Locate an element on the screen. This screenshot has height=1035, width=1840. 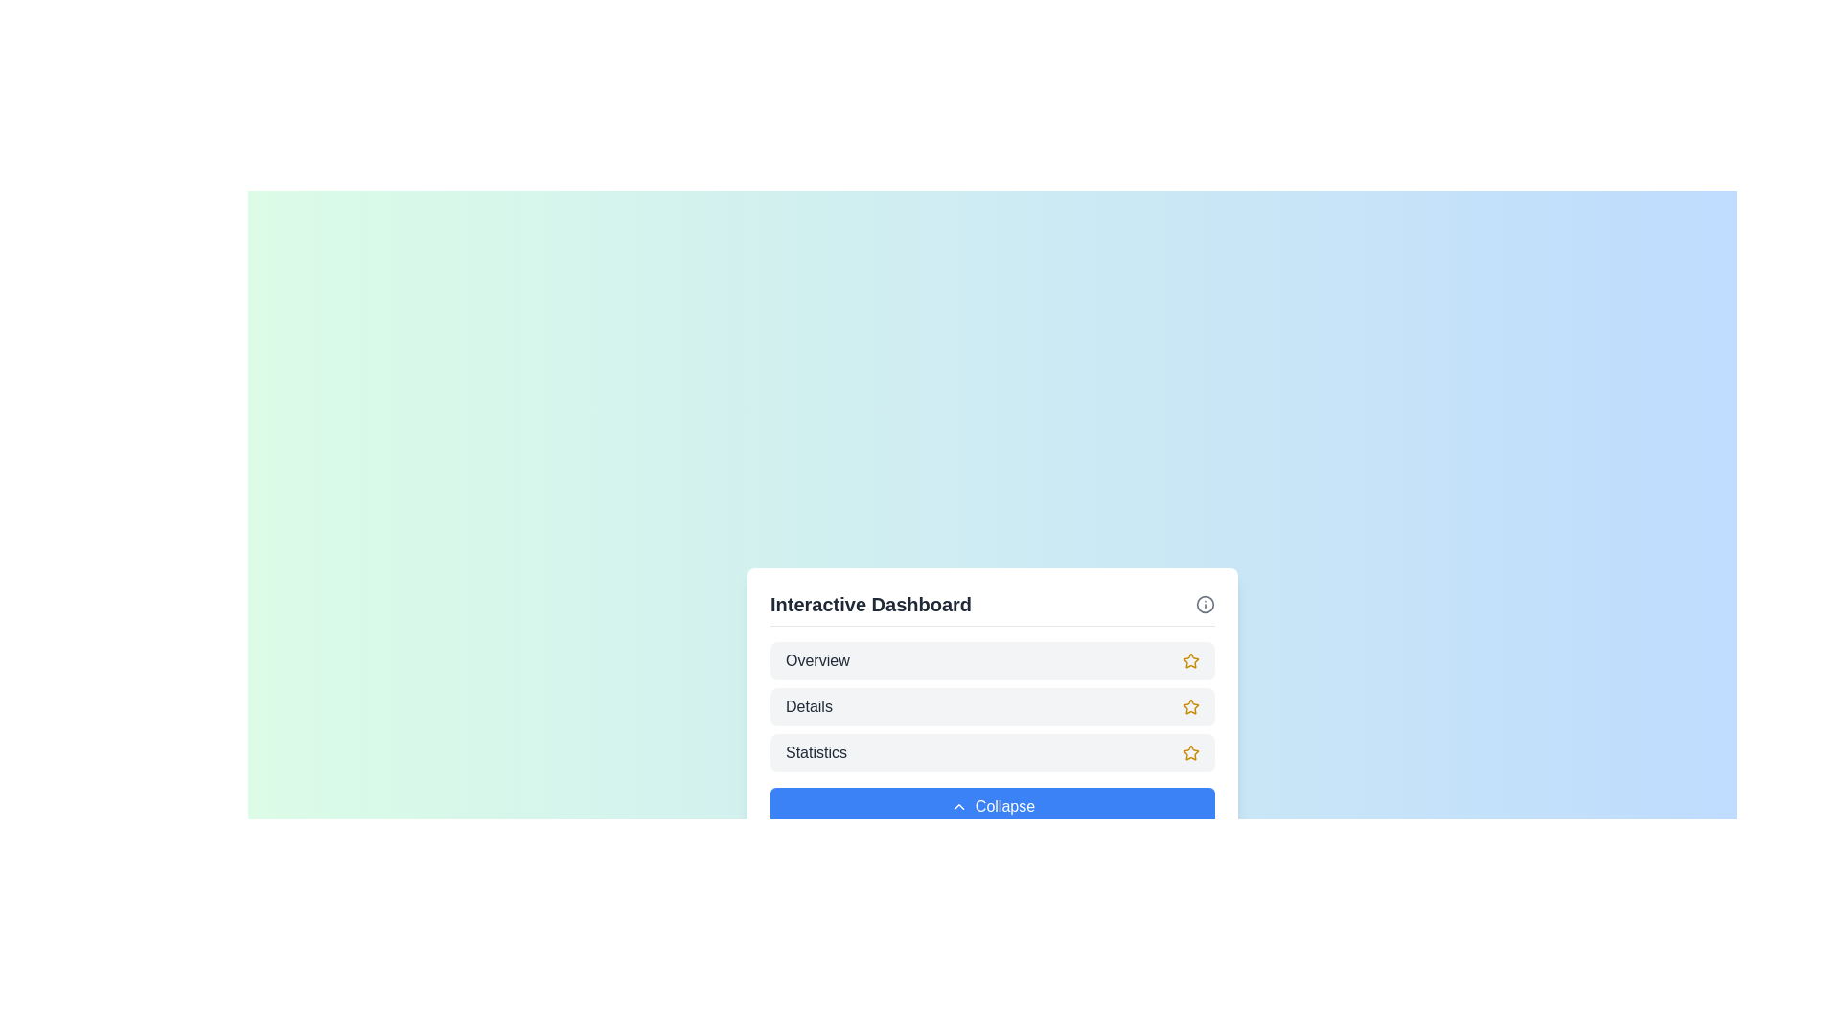
the 'Collapse' button with a blue background and white text that is located at the bottom of the 'Interactive Dashboard' widget is located at coordinates (993, 805).